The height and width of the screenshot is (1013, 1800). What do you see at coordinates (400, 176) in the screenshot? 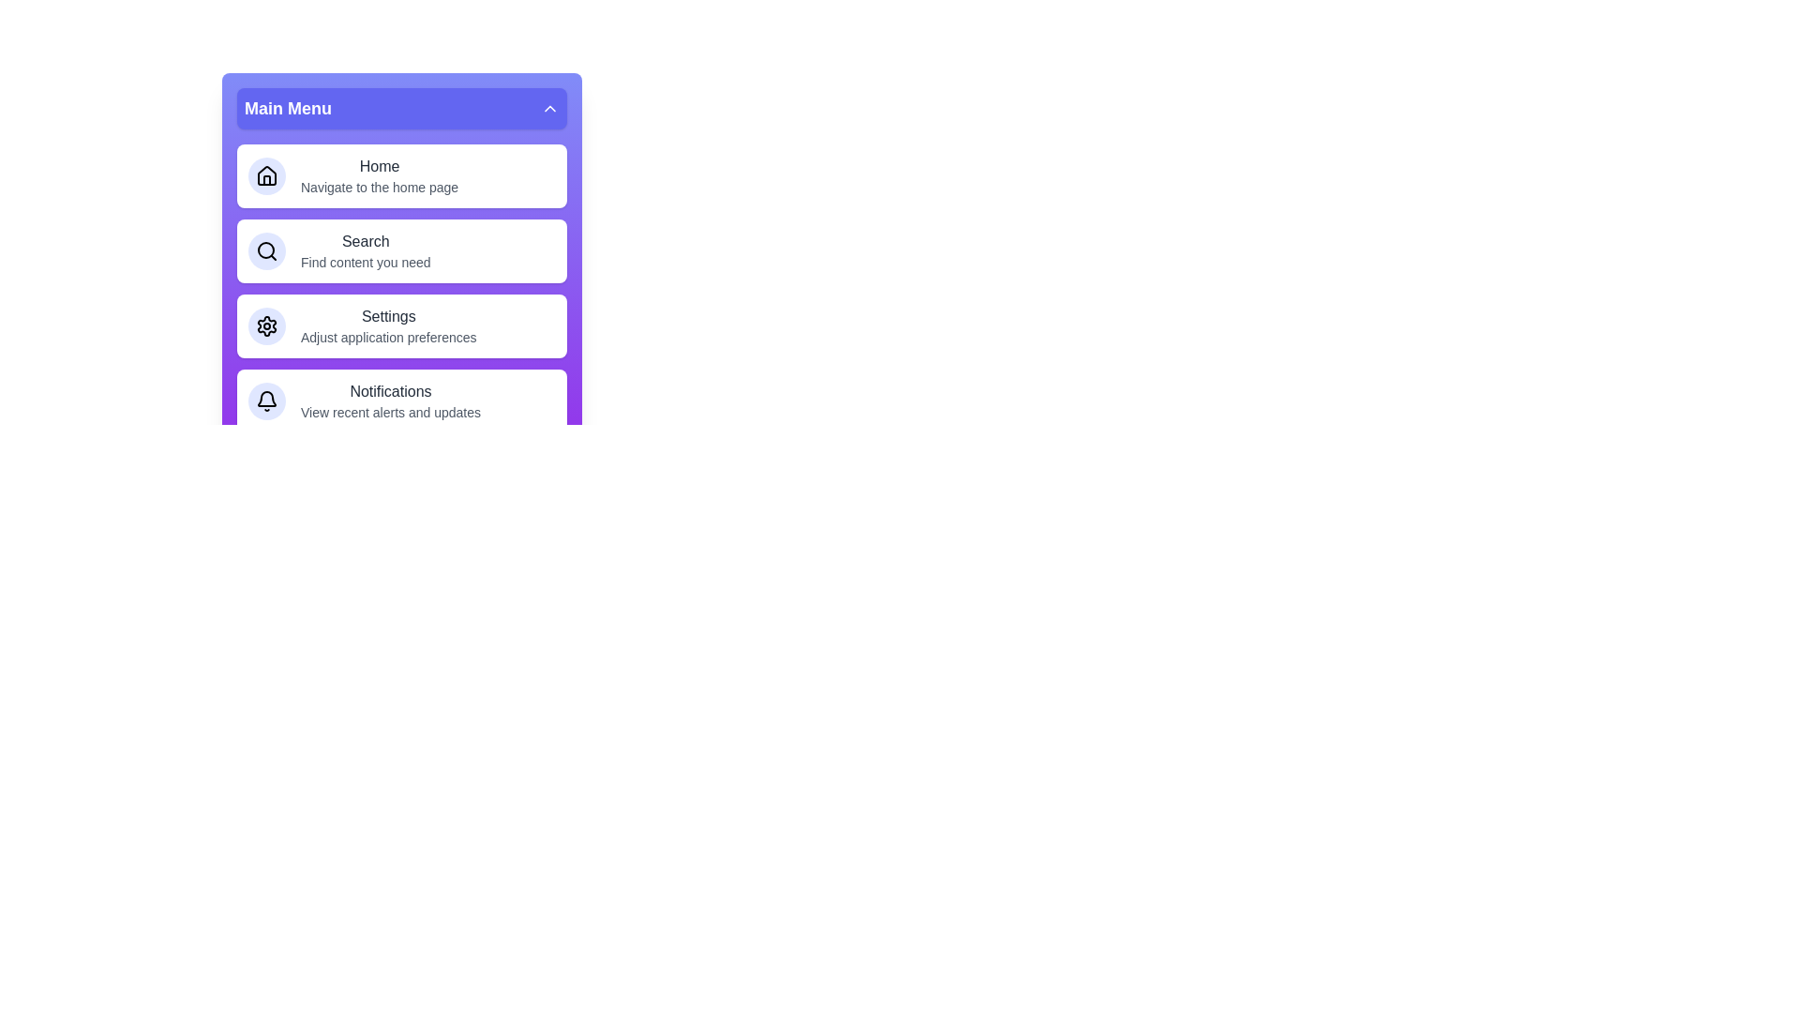
I see `the menu item labeled Home to navigate` at bounding box center [400, 176].